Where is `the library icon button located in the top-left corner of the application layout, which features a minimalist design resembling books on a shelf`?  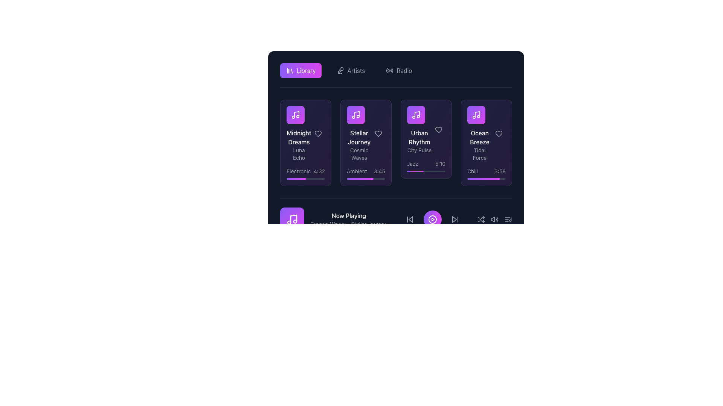 the library icon button located in the top-left corner of the application layout, which features a minimalist design resembling books on a shelf is located at coordinates (289, 71).